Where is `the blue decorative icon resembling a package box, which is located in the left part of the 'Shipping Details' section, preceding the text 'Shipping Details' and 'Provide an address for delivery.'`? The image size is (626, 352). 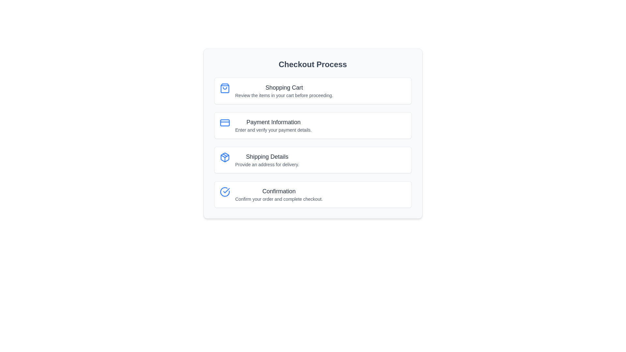 the blue decorative icon resembling a package box, which is located in the left part of the 'Shipping Details' section, preceding the text 'Shipping Details' and 'Provide an address for delivery.' is located at coordinates (225, 157).